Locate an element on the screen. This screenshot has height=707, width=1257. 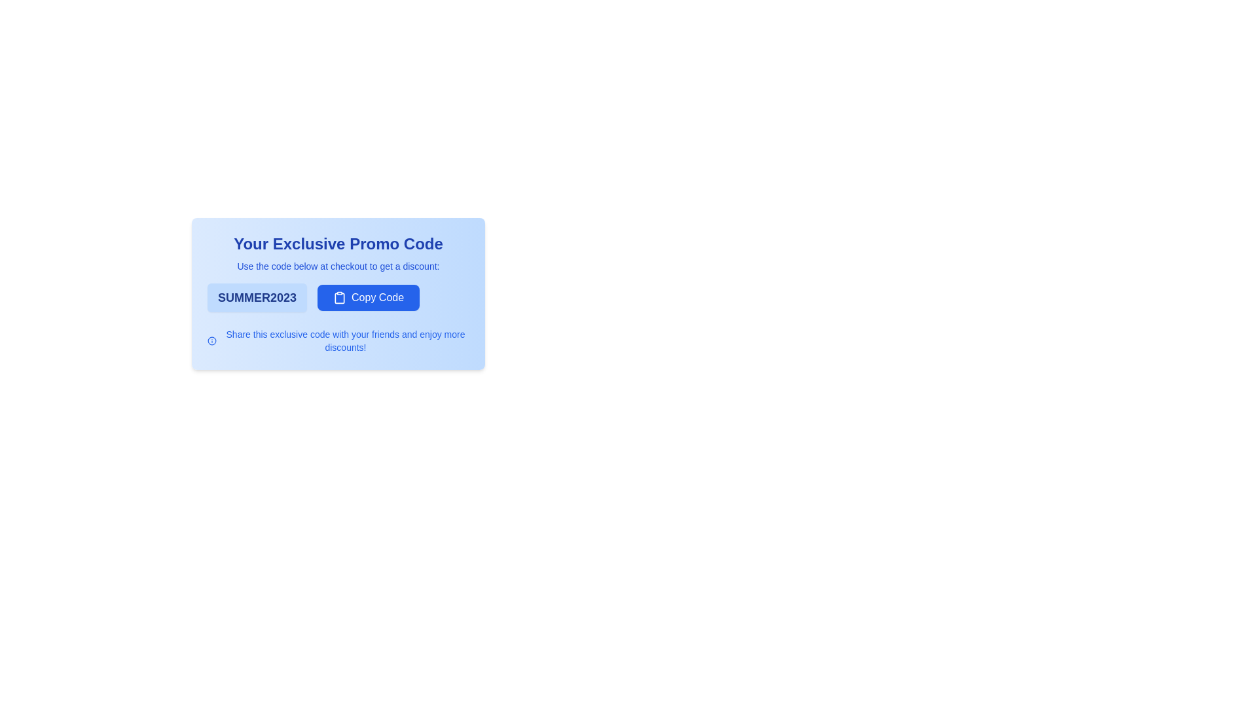
the button located to the right of the label displaying 'SUMMER2023' to copy the promo code into the clipboard is located at coordinates (368, 298).